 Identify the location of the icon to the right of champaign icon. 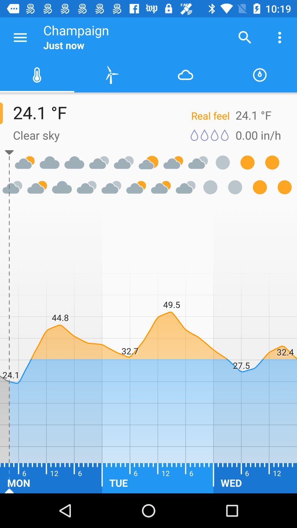
(245, 37).